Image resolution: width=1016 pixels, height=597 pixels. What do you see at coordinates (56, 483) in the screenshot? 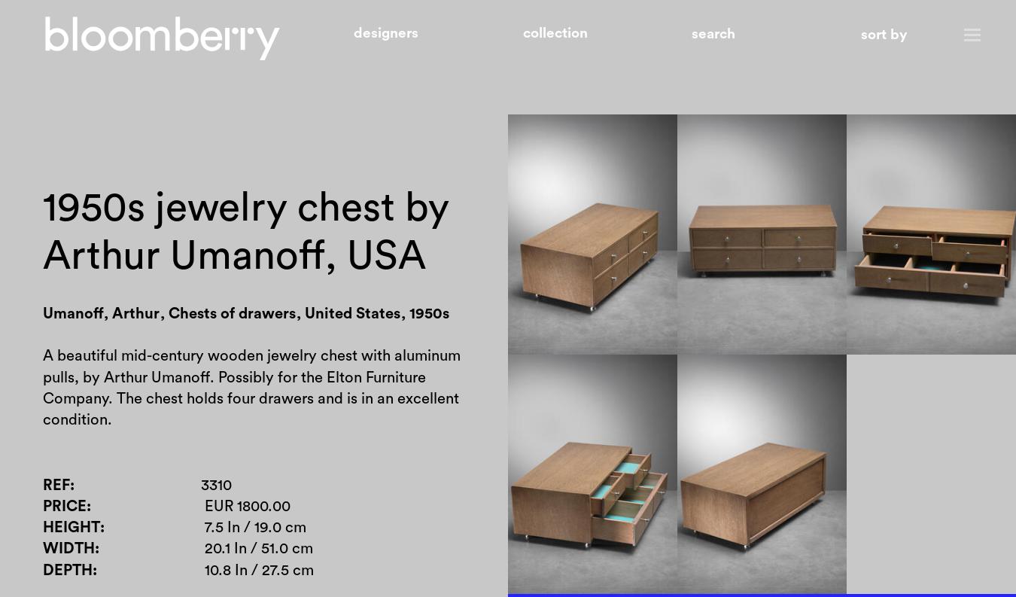
I see `'Ref'` at bounding box center [56, 483].